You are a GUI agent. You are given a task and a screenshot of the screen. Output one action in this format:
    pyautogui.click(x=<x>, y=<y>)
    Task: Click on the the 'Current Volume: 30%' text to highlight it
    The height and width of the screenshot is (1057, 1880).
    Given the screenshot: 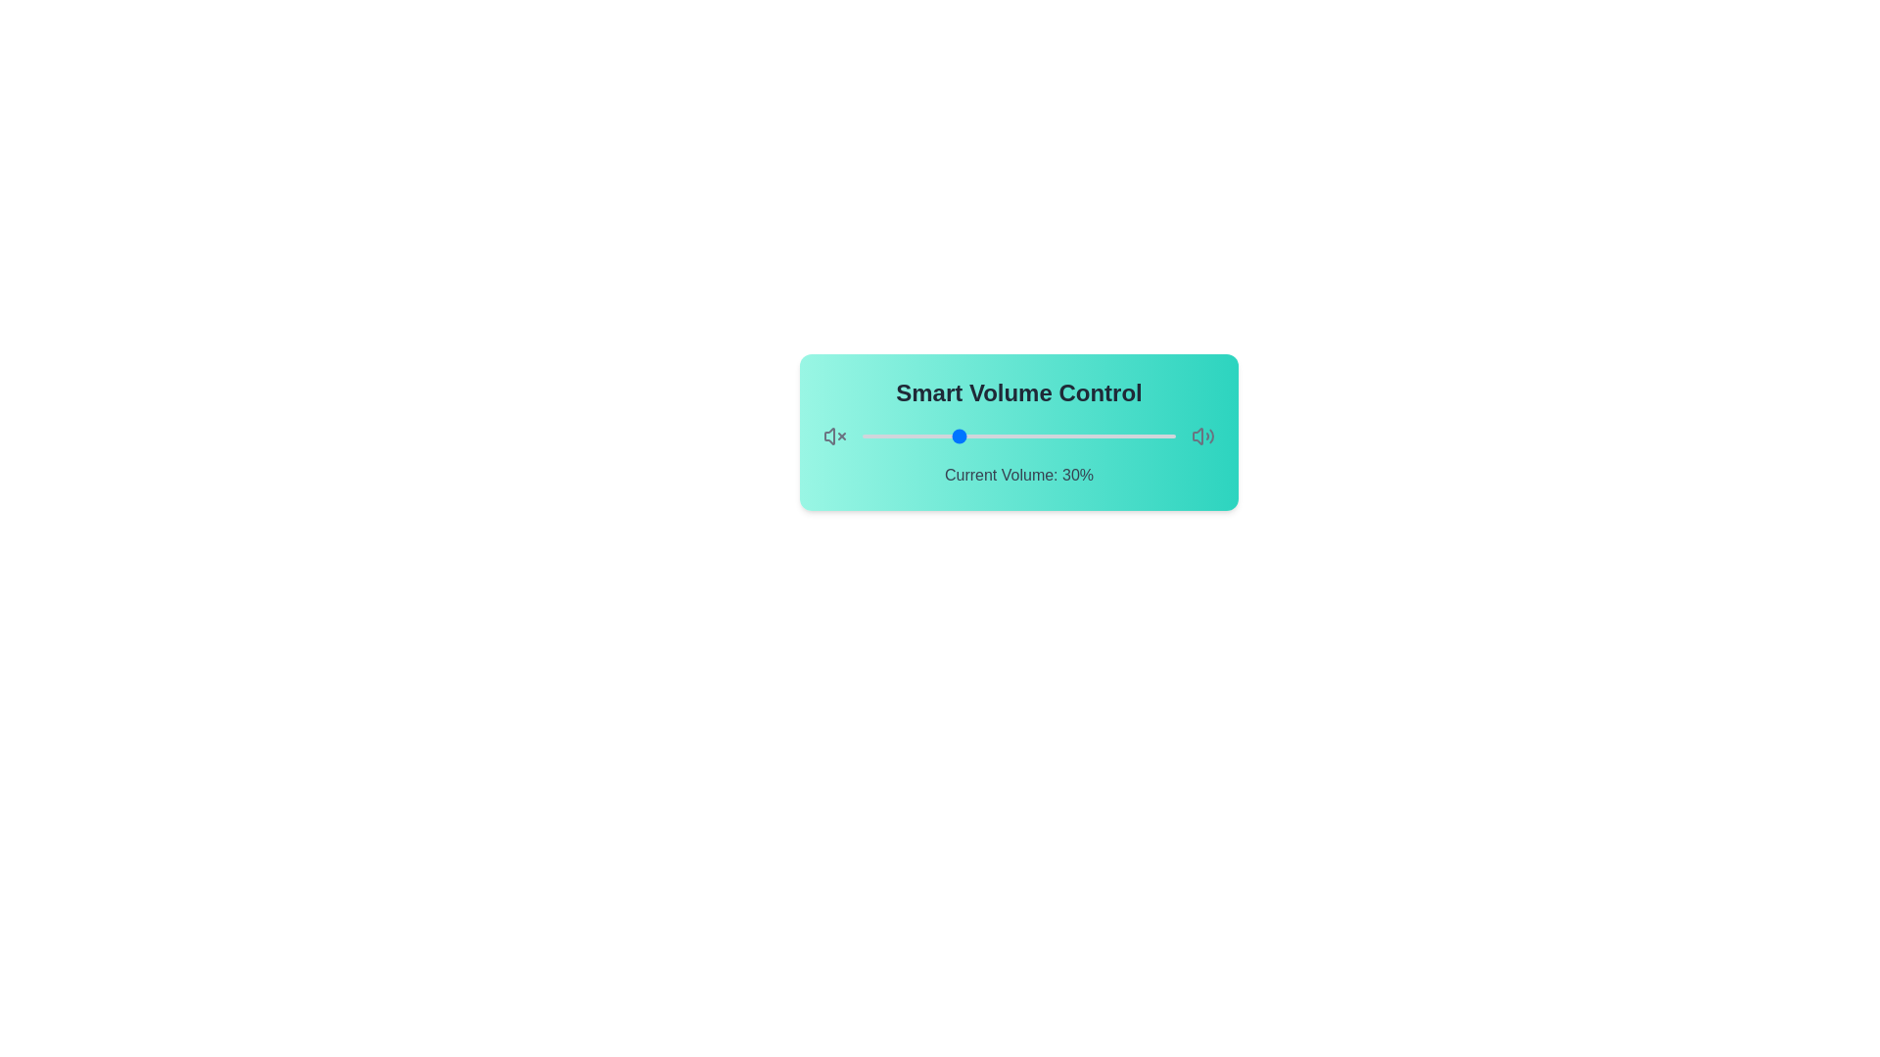 What is the action you would take?
    pyautogui.click(x=1018, y=476)
    